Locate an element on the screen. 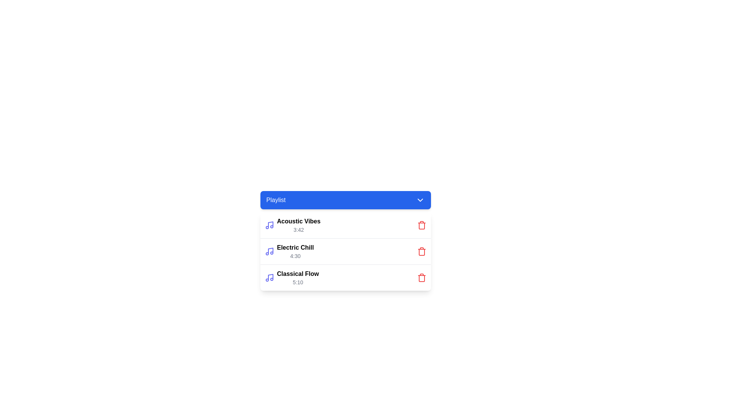 This screenshot has height=411, width=731. the list item titled 'Electric Chill' in the playlist menu to interact with the track is located at coordinates (345, 251).